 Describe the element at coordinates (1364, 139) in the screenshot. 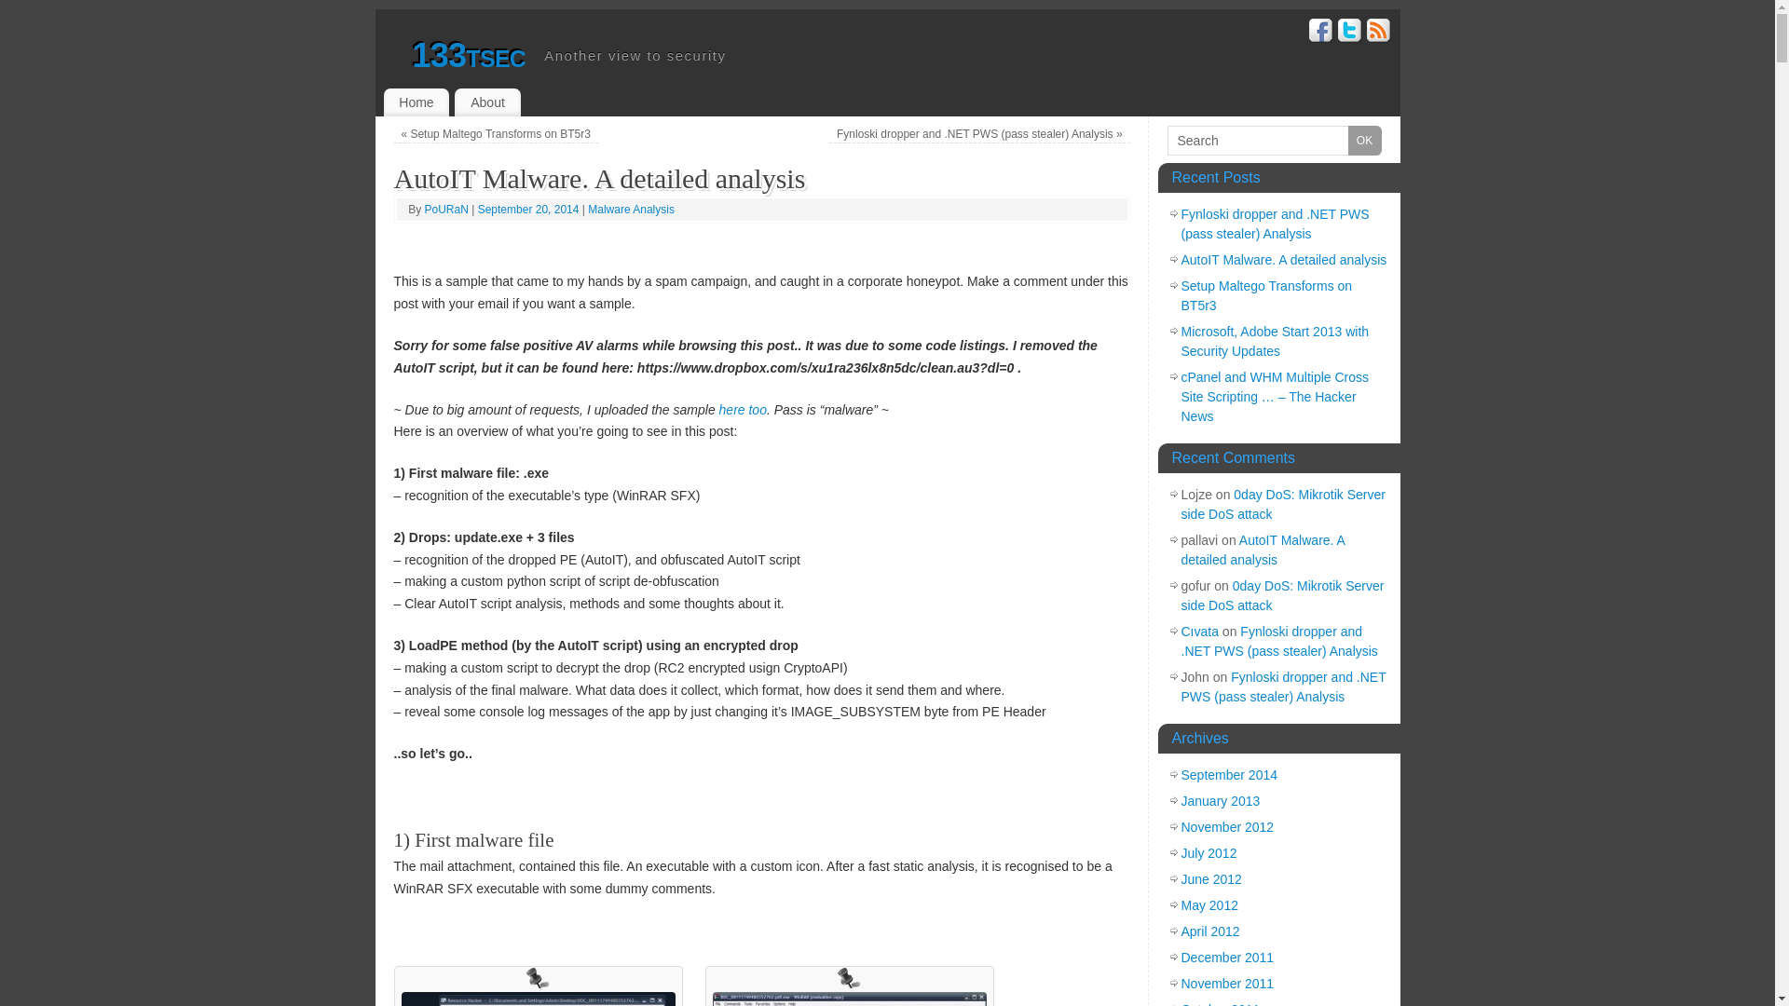

I see `'OK'` at that location.